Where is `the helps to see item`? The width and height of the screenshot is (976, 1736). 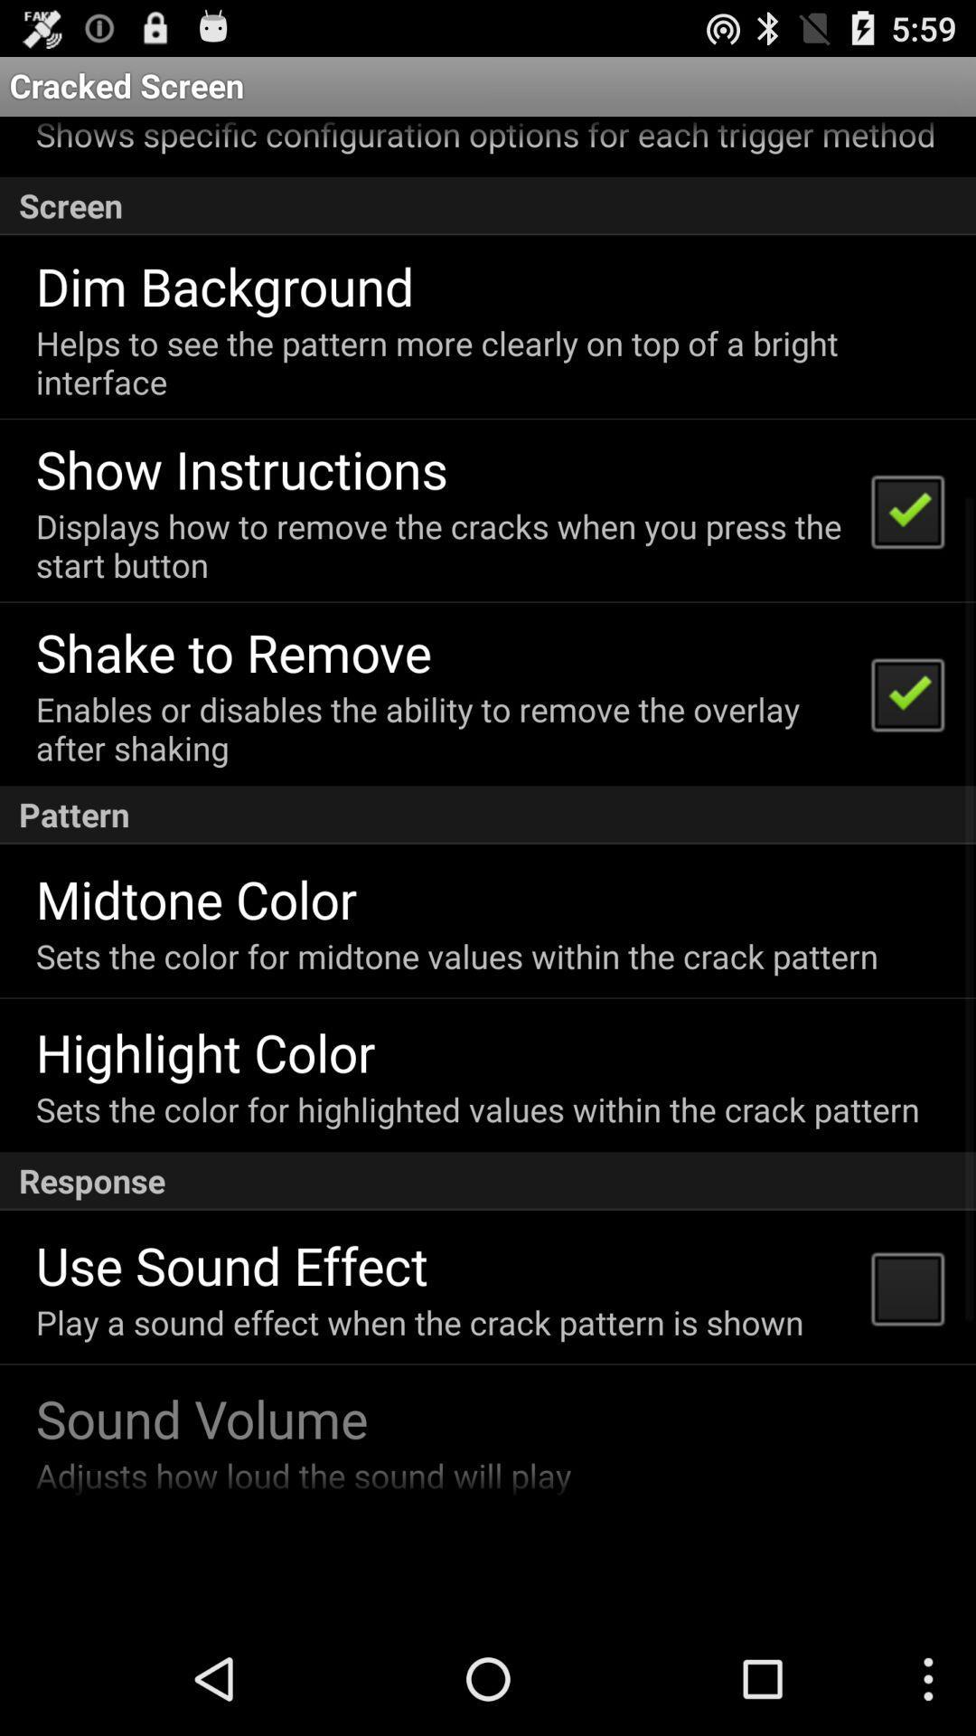
the helps to see item is located at coordinates (485, 362).